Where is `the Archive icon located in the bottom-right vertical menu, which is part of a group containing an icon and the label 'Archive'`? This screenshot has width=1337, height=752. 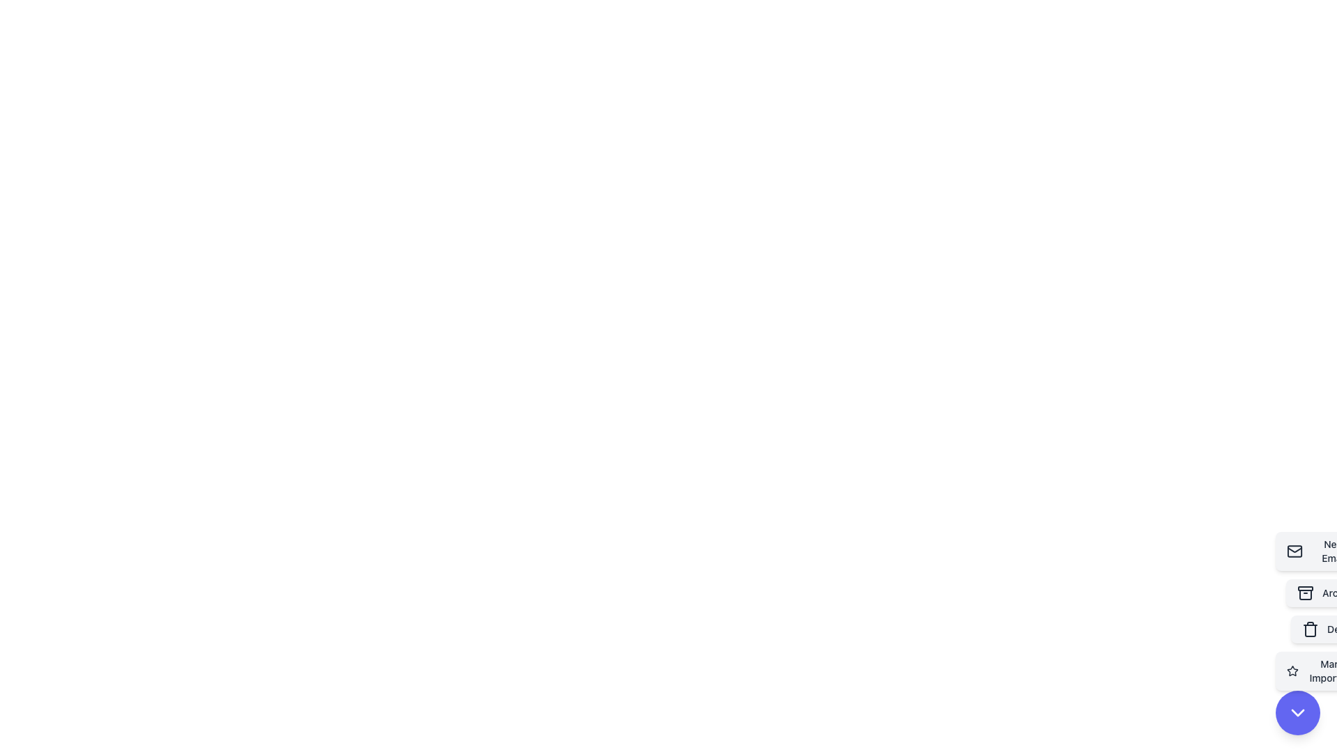 the Archive icon located in the bottom-right vertical menu, which is part of a group containing an icon and the label 'Archive' is located at coordinates (1305, 593).